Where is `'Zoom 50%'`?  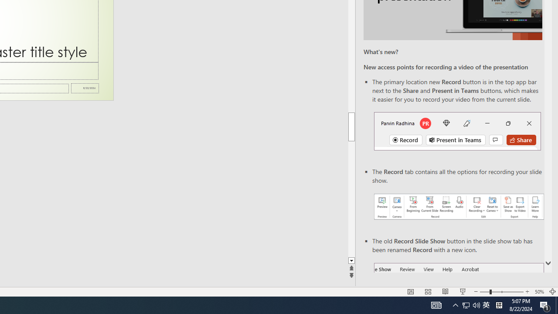
'Zoom 50%' is located at coordinates (539, 292).